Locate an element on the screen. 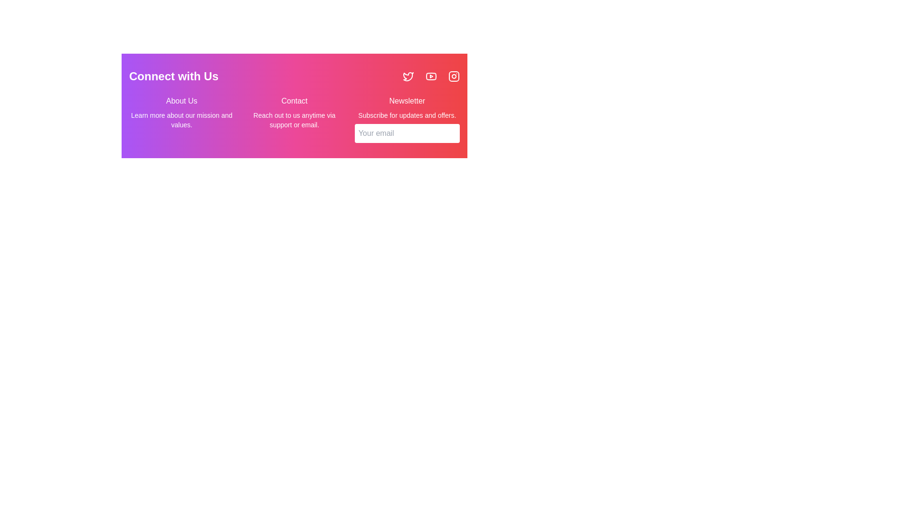 This screenshot has height=513, width=912. displayed information in the static text section with a gradient background that includes 'About Us', 'Contact', and 'Newsletter' headers, located centrally under 'Connect with Us' is located at coordinates (294, 106).